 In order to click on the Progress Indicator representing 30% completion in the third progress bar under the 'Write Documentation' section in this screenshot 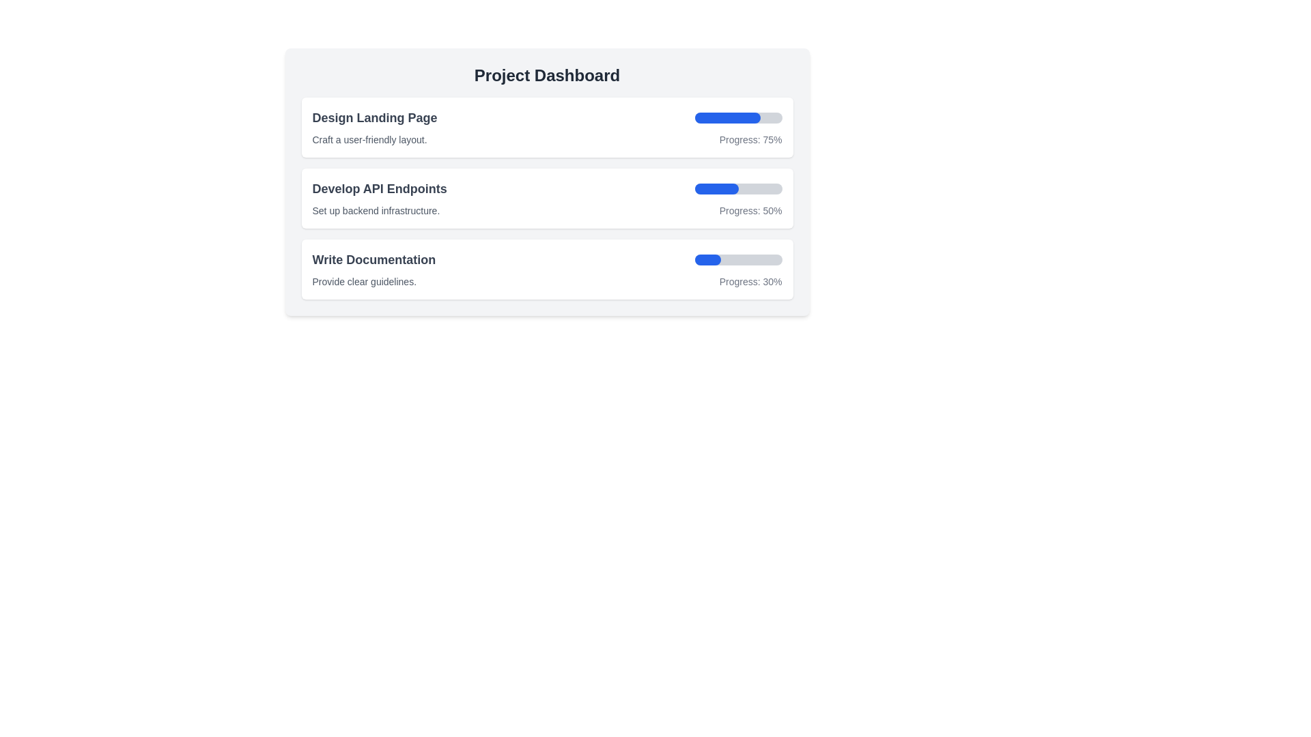, I will do `click(707, 260)`.